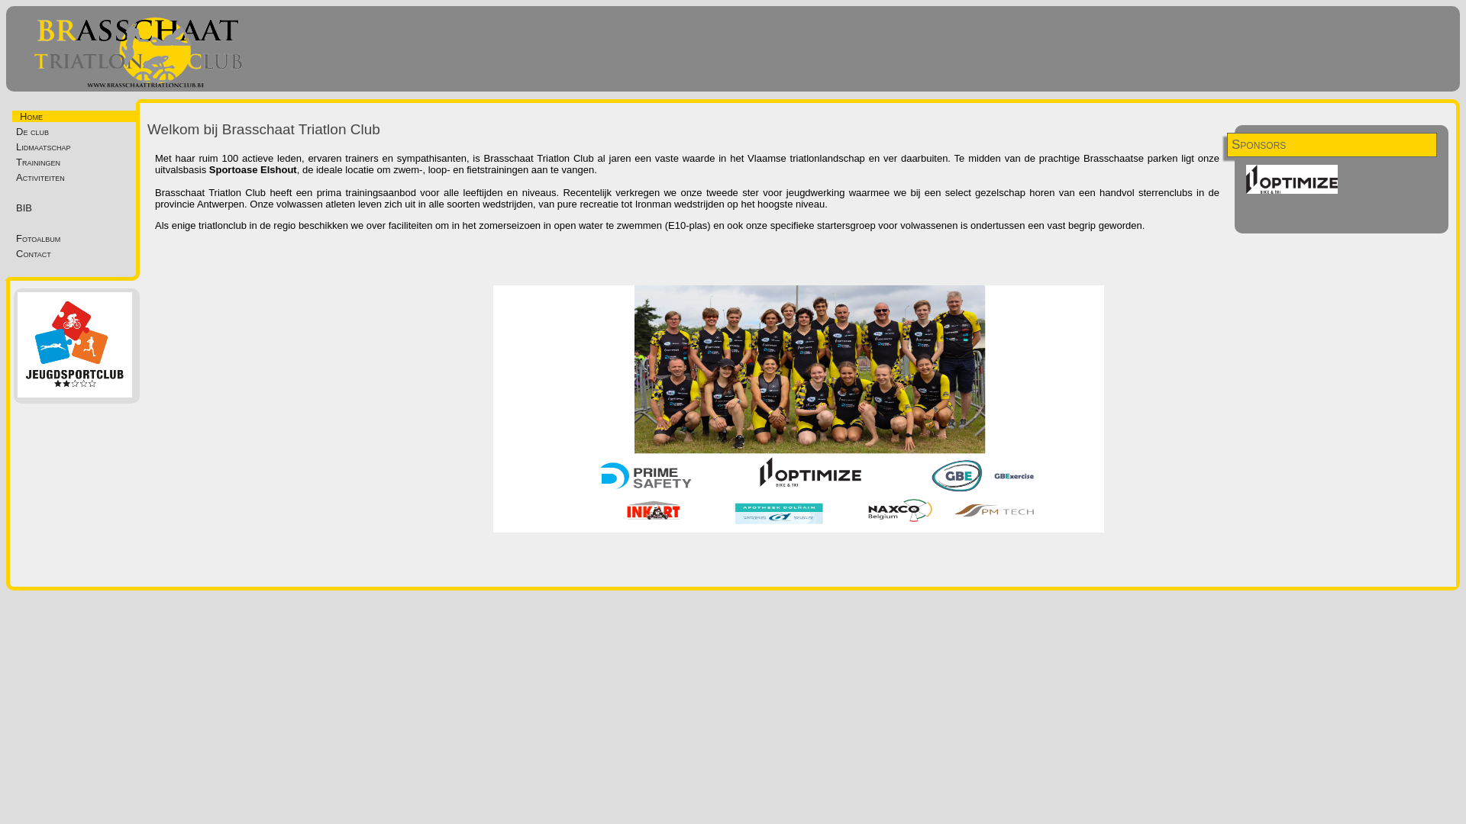 The image size is (1466, 824). I want to click on 'BIB', so click(77, 208).